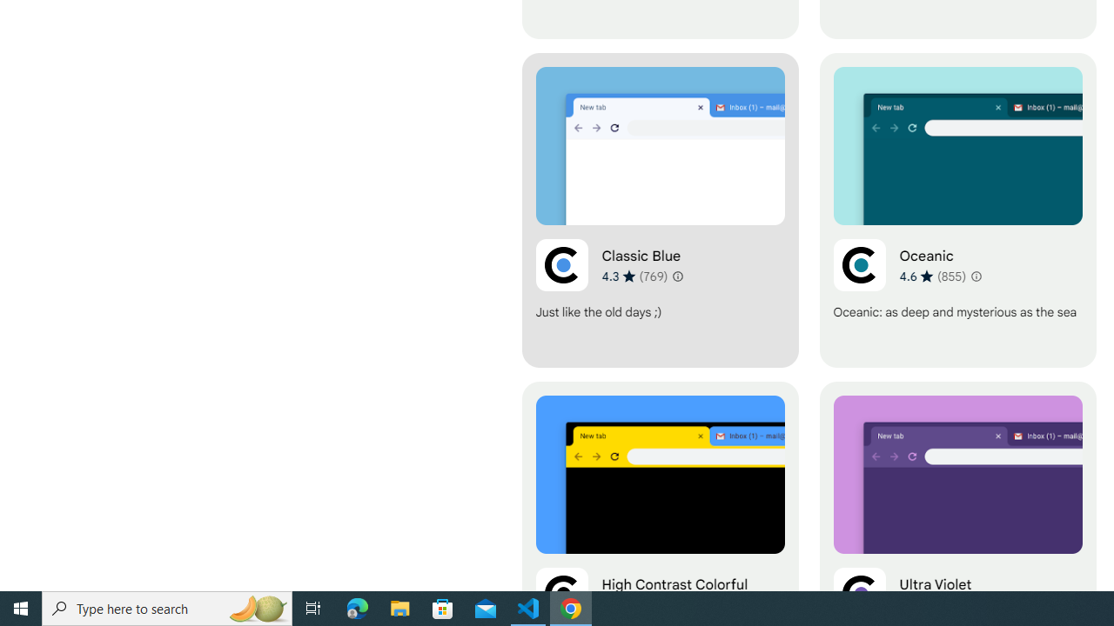  I want to click on 'Oceanic', so click(956, 210).